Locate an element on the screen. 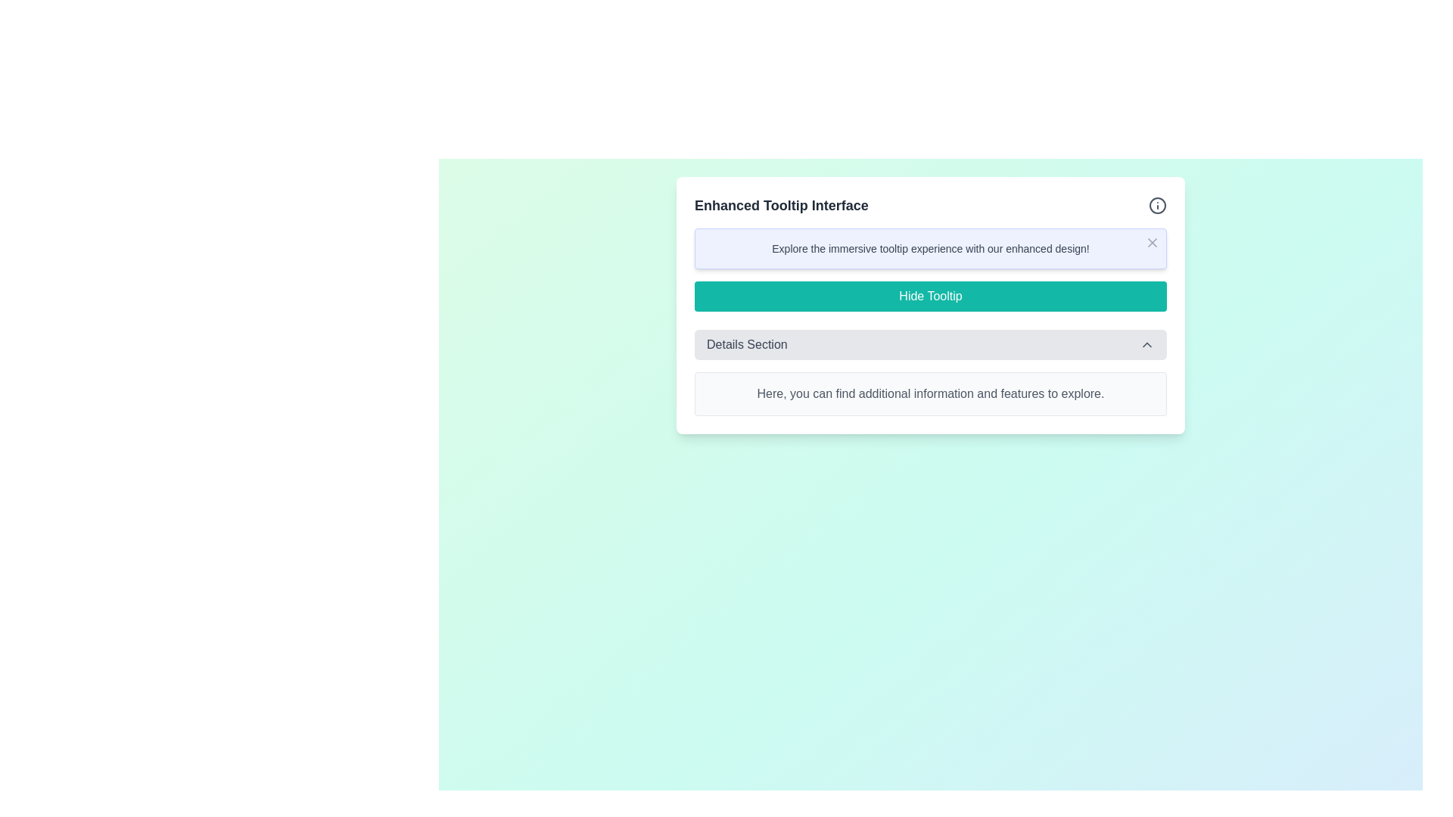 Image resolution: width=1453 pixels, height=817 pixels. the small upward-pointing chevron icon button located on the far-right side of the 'Details Section' header is located at coordinates (1147, 344).